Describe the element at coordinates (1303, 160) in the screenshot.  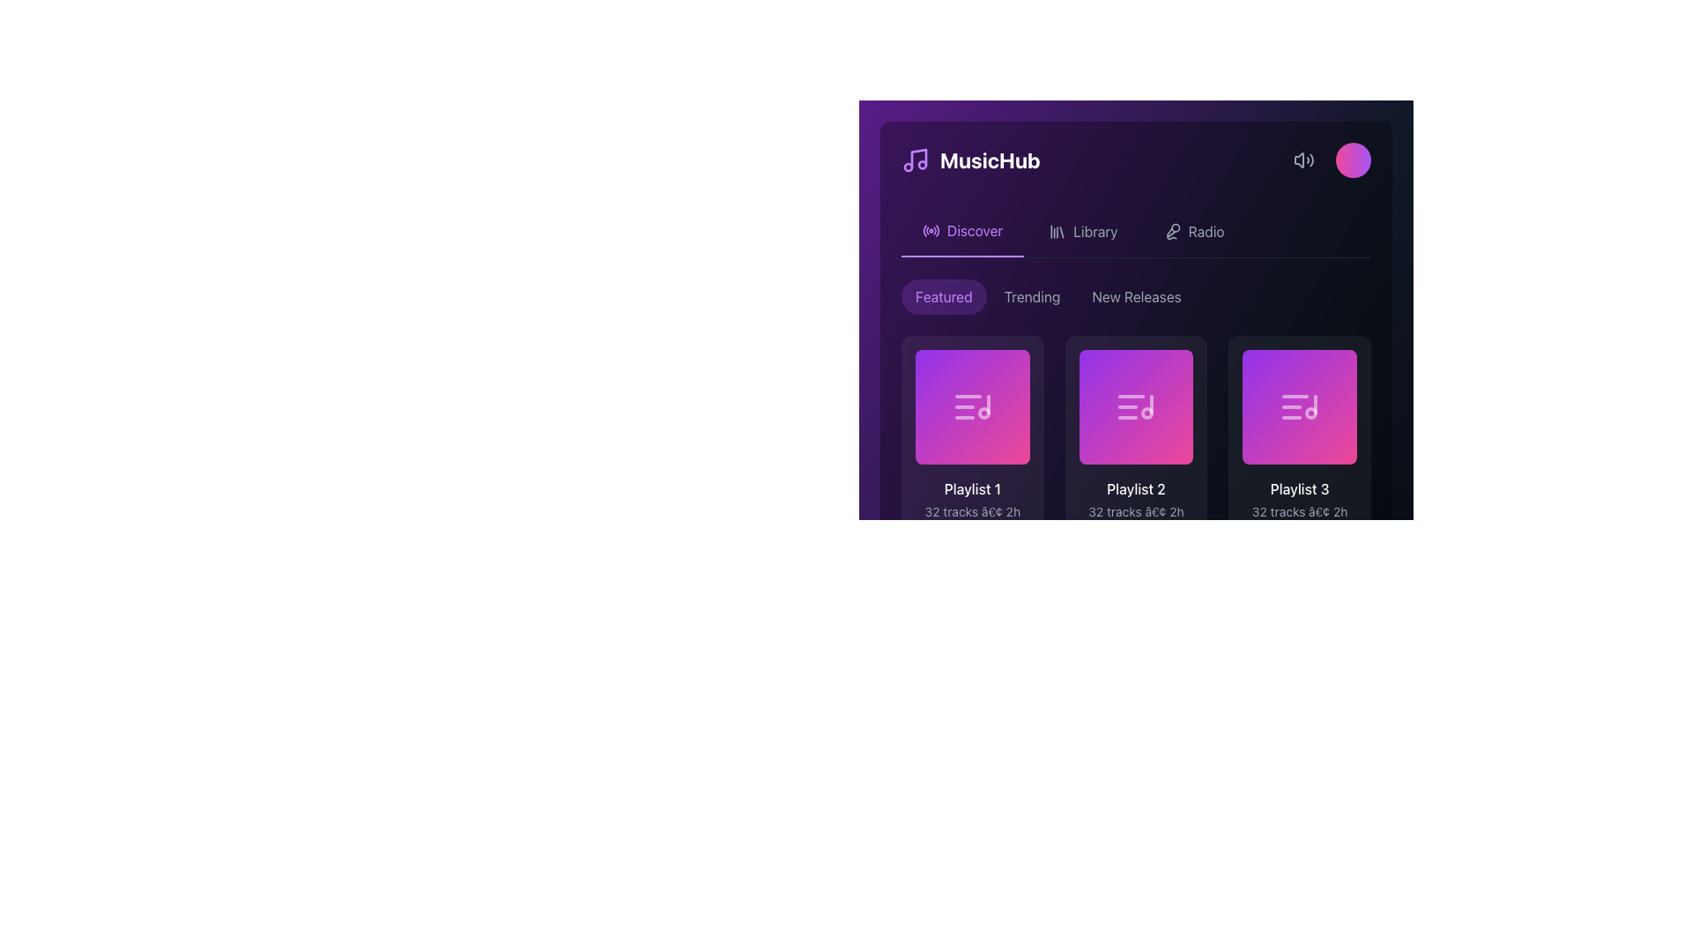
I see `the volume control icon located in the top-right corner of the interface, which serves as an interactive control for muting, unmuting, or adjusting sound settings` at that location.